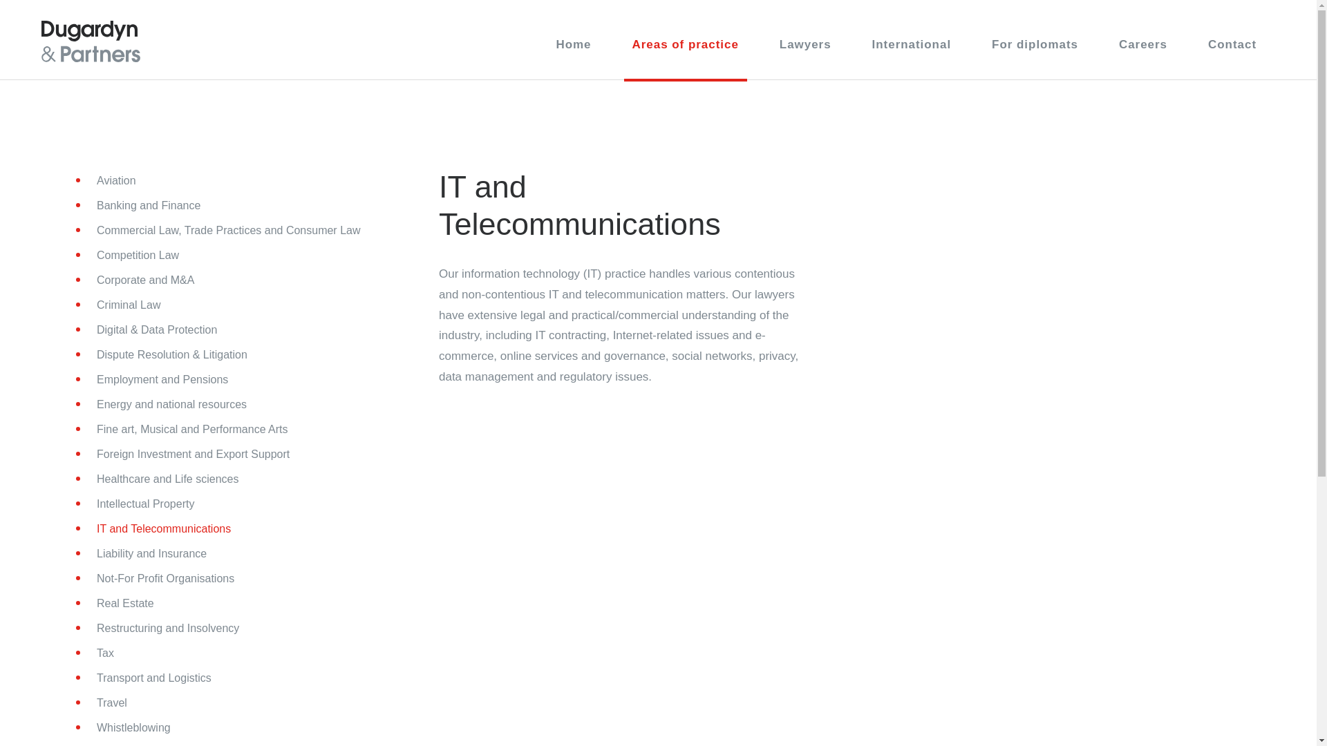  Describe the element at coordinates (162, 354) in the screenshot. I see `'Dispute Resolution & Litigation'` at that location.